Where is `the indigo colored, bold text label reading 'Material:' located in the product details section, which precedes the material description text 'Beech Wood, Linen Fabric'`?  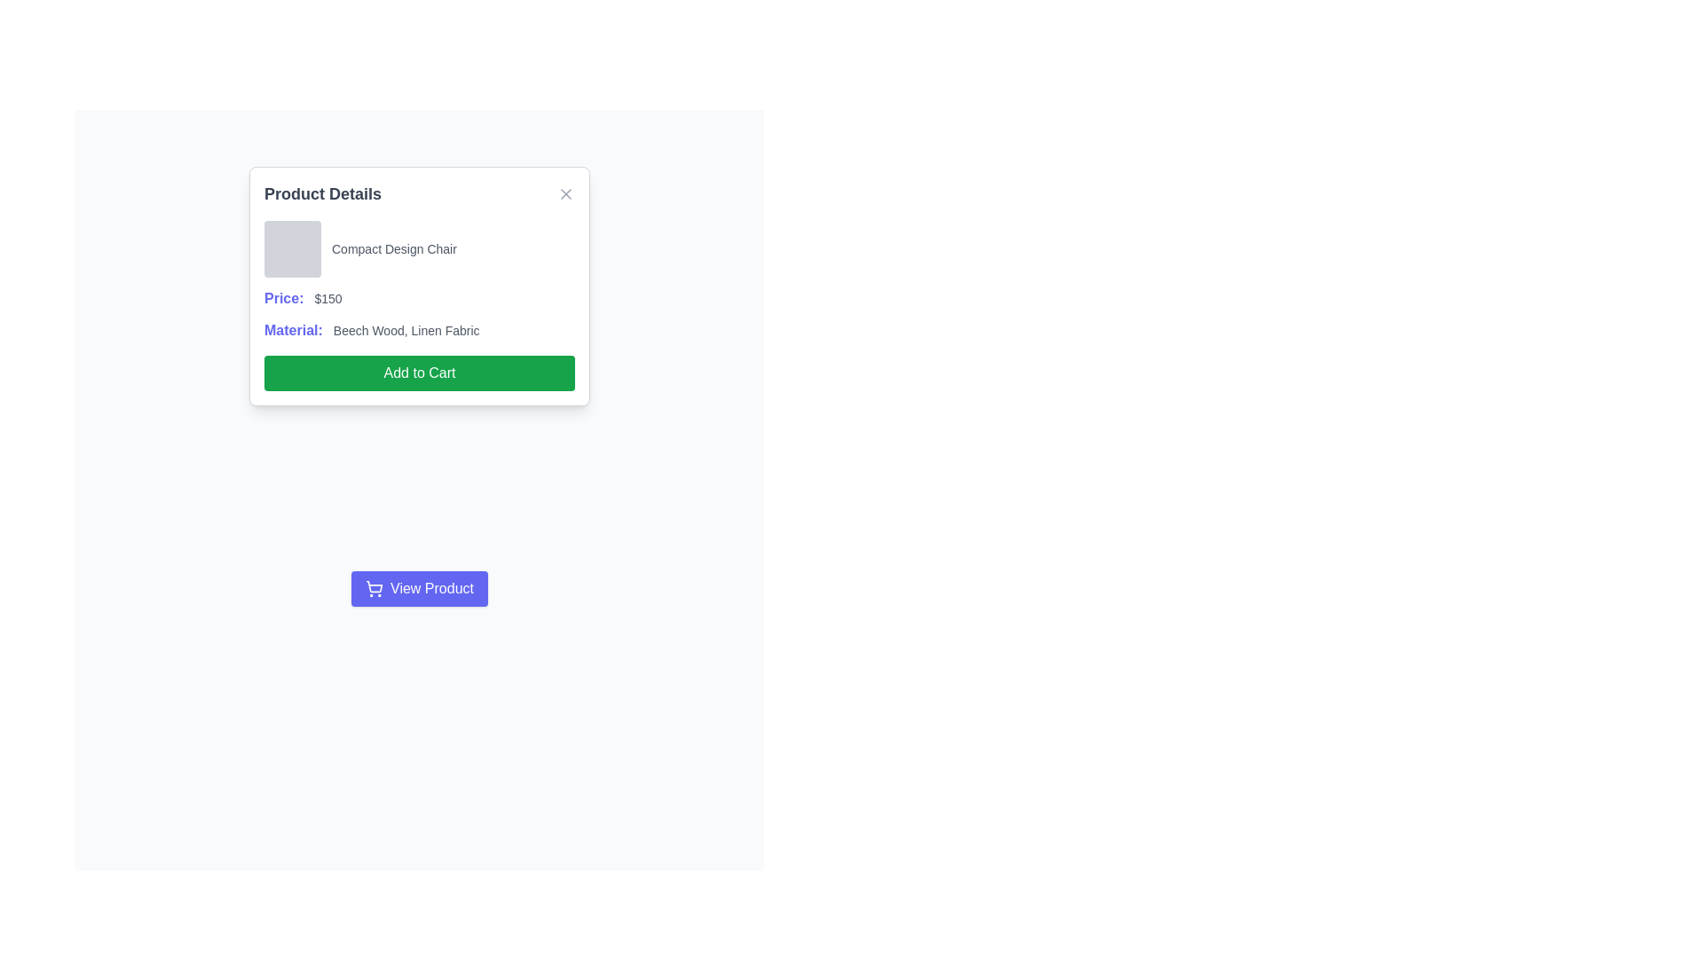 the indigo colored, bold text label reading 'Material:' located in the product details section, which precedes the material description text 'Beech Wood, Linen Fabric' is located at coordinates (293, 331).